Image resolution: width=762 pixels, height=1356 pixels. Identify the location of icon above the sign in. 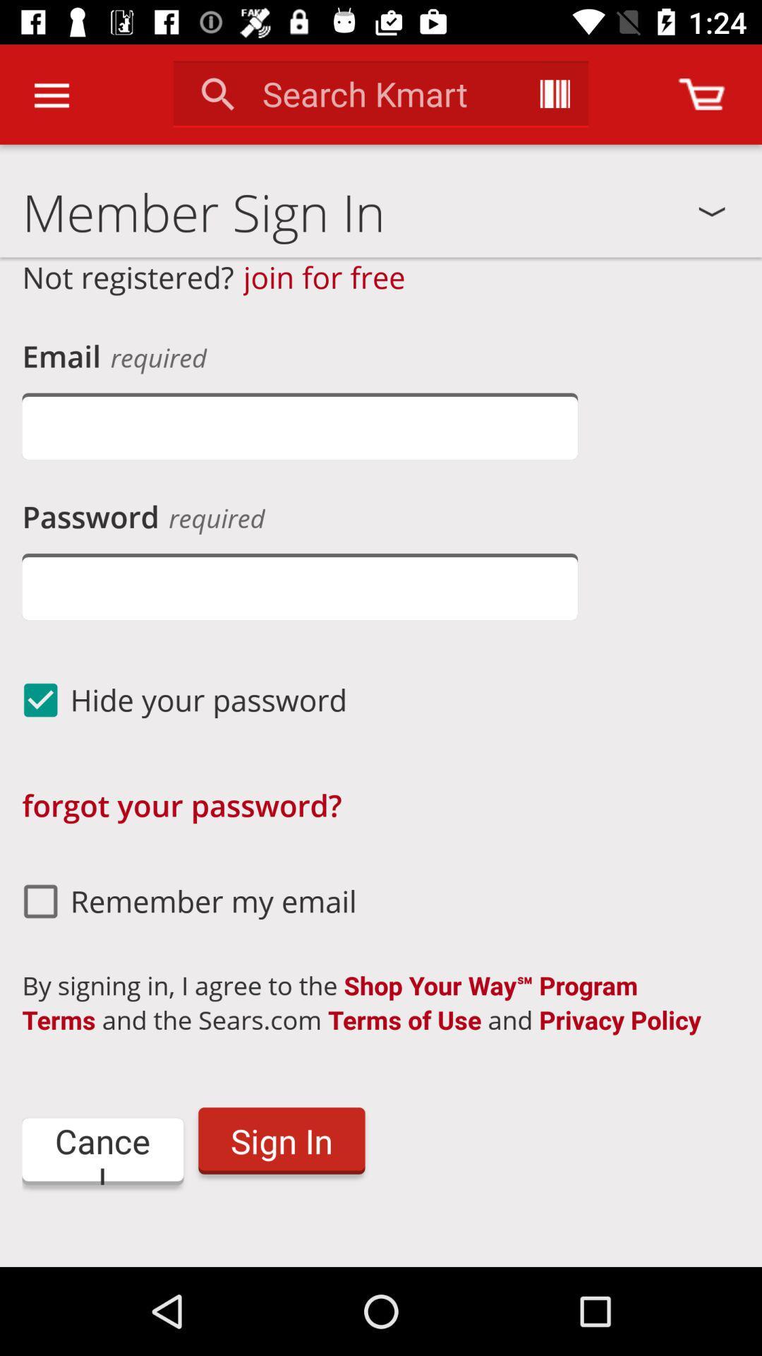
(373, 1001).